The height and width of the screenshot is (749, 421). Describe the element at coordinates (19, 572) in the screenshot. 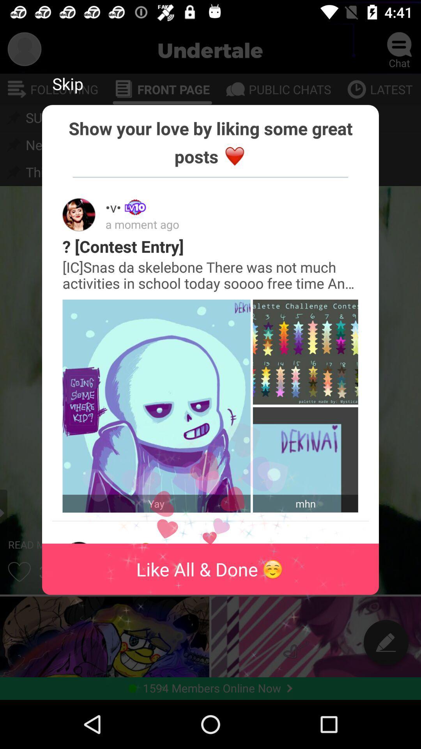

I see `the favourite icon which is on the left side of the page` at that location.